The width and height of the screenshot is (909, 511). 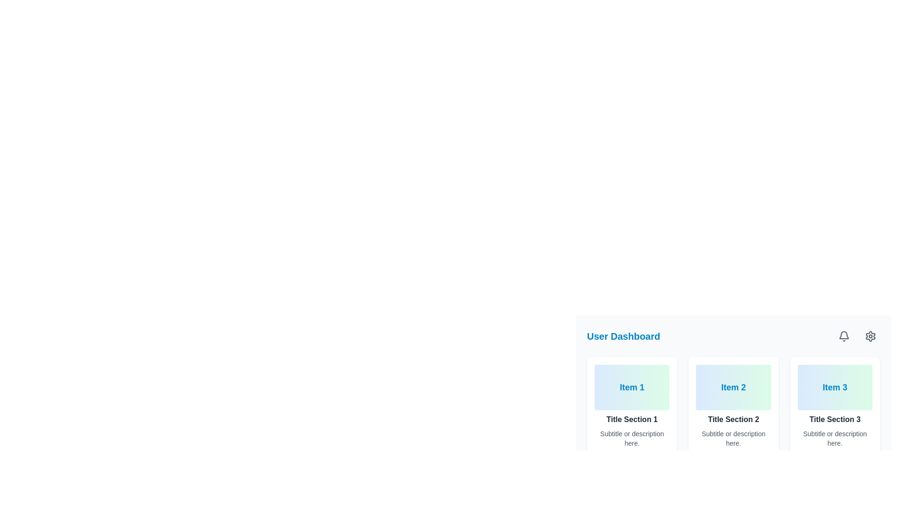 I want to click on the circular notification button with a bell icon located at the top-right section of the dashboard, positioned to the left of the gear icon button, so click(x=844, y=335).